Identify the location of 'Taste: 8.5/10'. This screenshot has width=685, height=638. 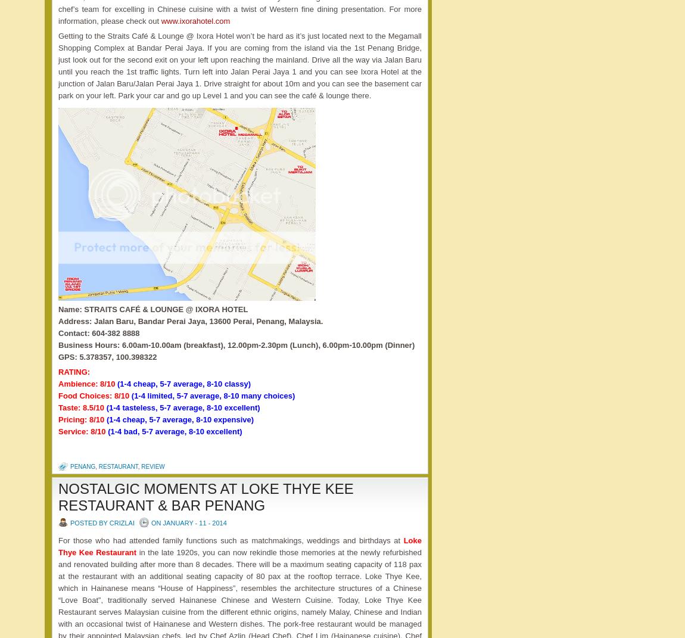
(82, 406).